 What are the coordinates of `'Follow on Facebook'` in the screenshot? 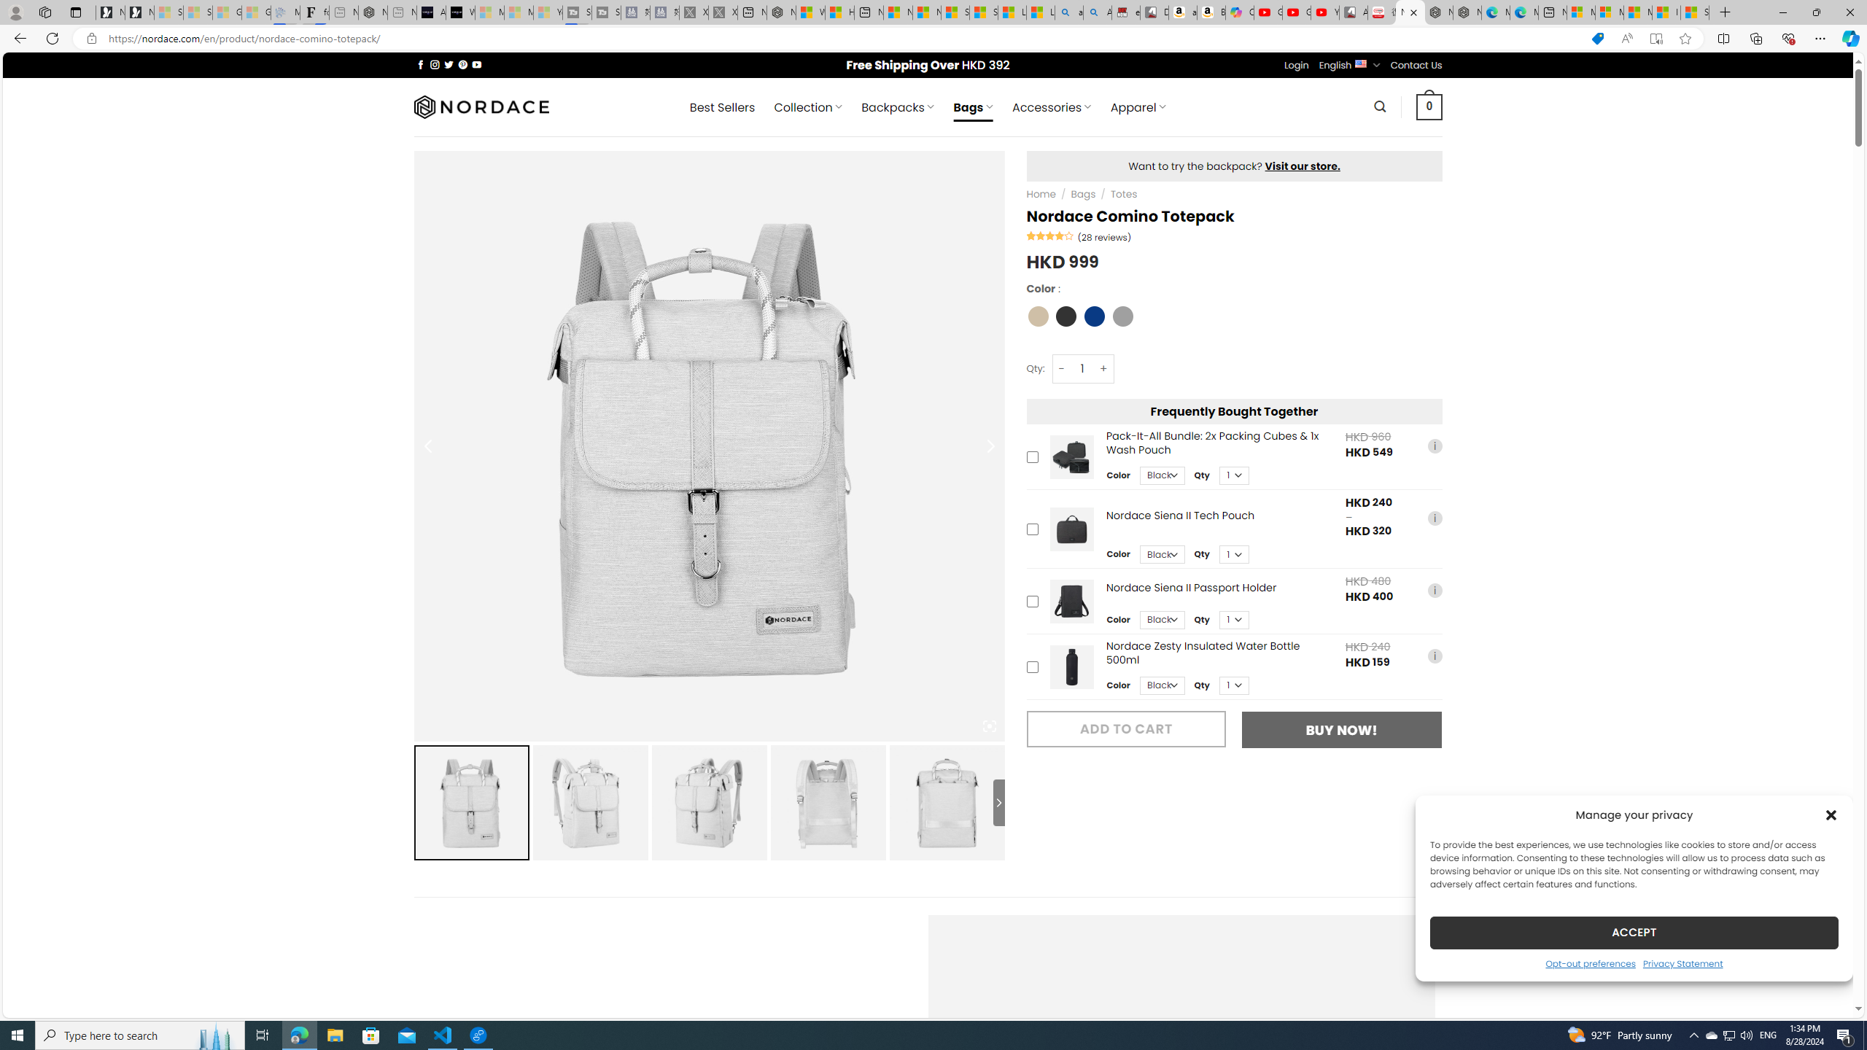 It's located at (420, 64).